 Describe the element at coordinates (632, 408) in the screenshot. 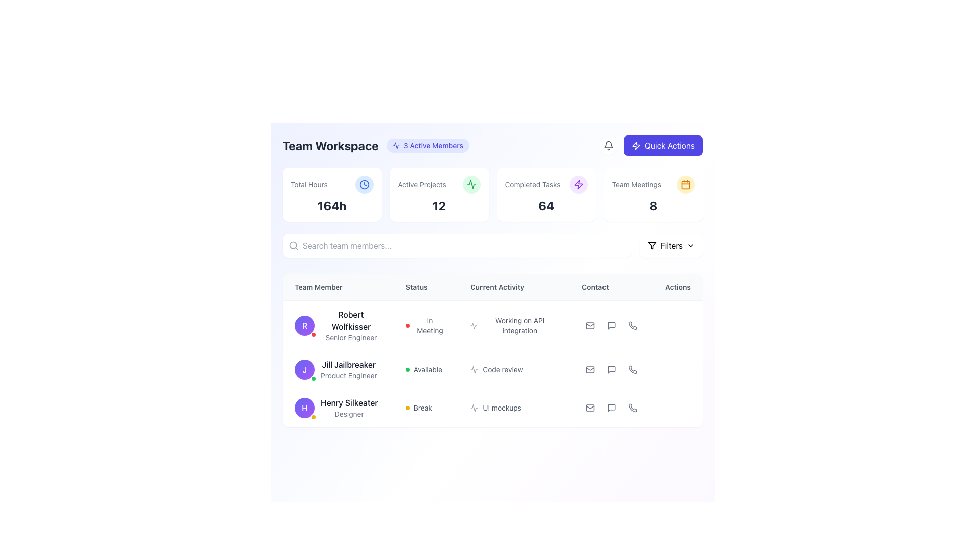

I see `the interactive shortcut icon in the 'Contact' column of the third row in the table under 'UI Mockups'` at that location.